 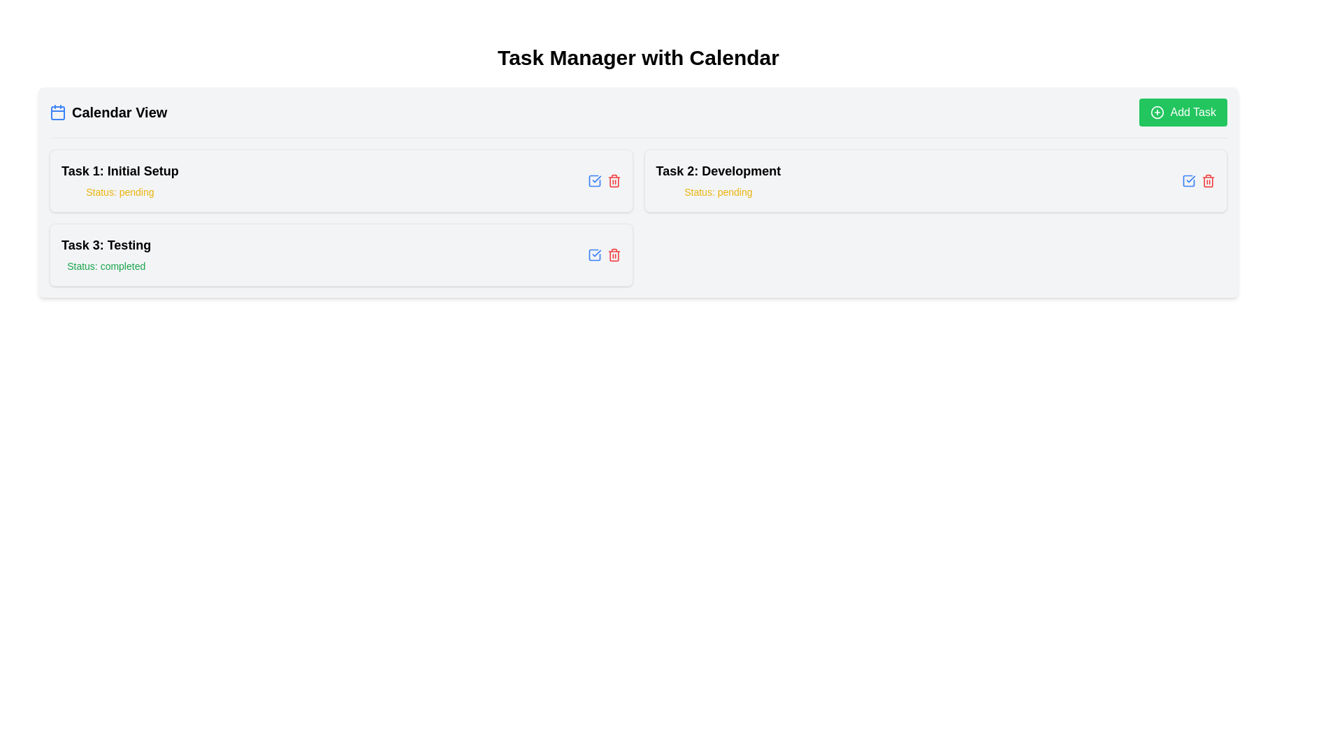 What do you see at coordinates (1183, 112) in the screenshot?
I see `the 'Add Task' button with a green background and white text label` at bounding box center [1183, 112].